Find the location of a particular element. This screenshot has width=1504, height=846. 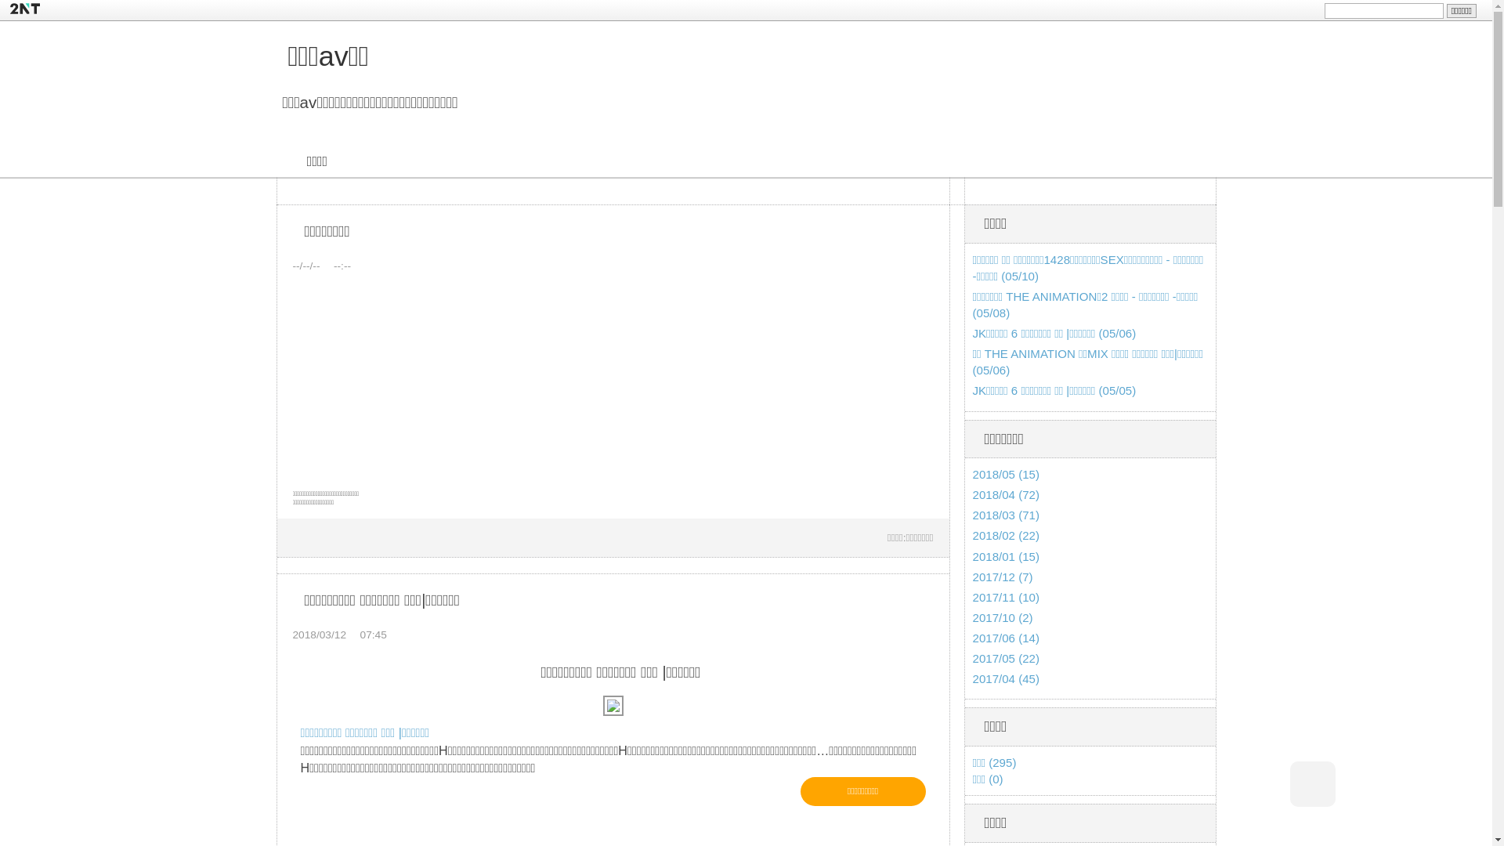

'2018/01 (15)' is located at coordinates (1007, 555).